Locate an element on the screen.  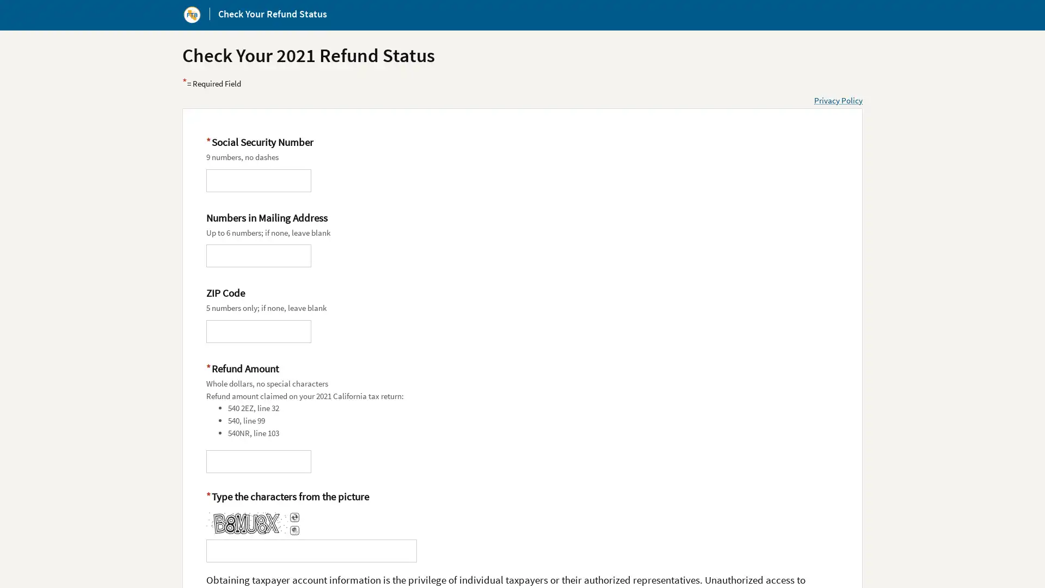
Speak the characters in the picture. is located at coordinates (294, 530).